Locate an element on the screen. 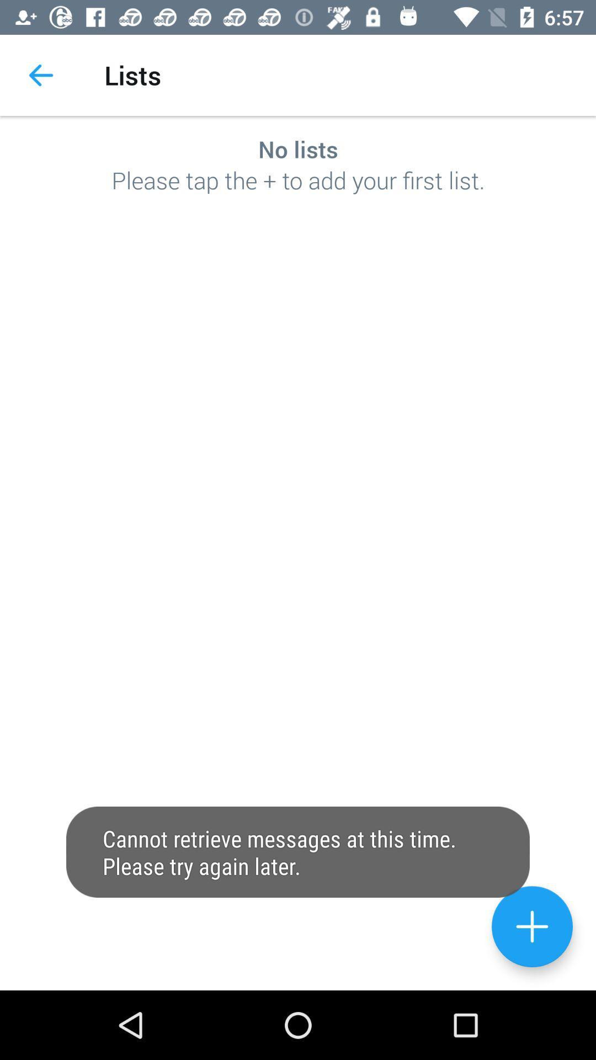 This screenshot has height=1060, width=596. go back is located at coordinates (531, 926).